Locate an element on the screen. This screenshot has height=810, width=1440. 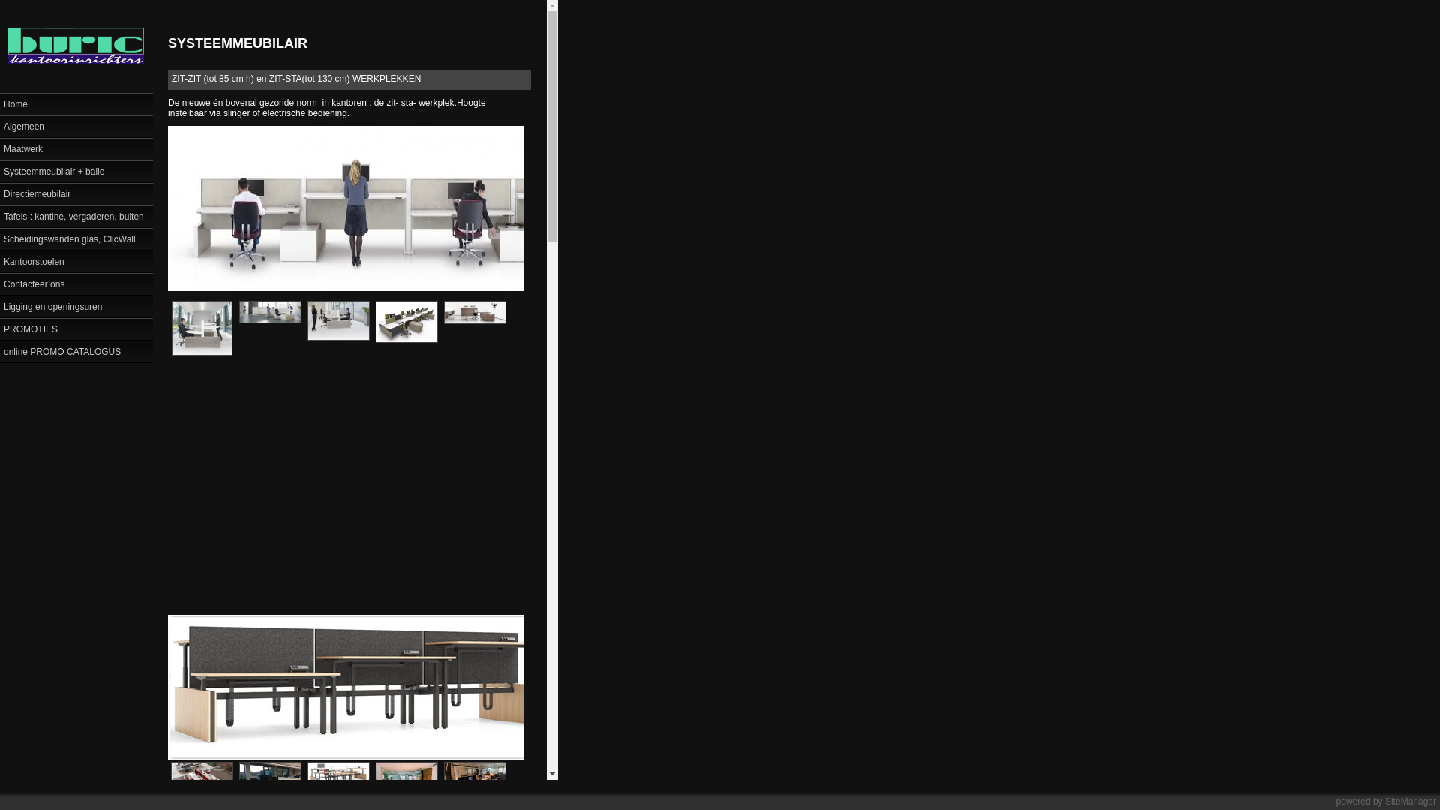
'powered by SiteManager' is located at coordinates (1336, 800).